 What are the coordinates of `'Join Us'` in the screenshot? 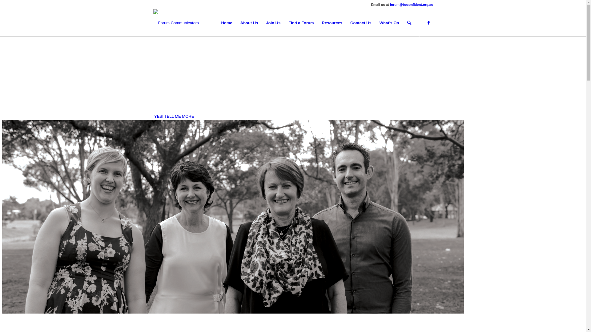 It's located at (273, 22).